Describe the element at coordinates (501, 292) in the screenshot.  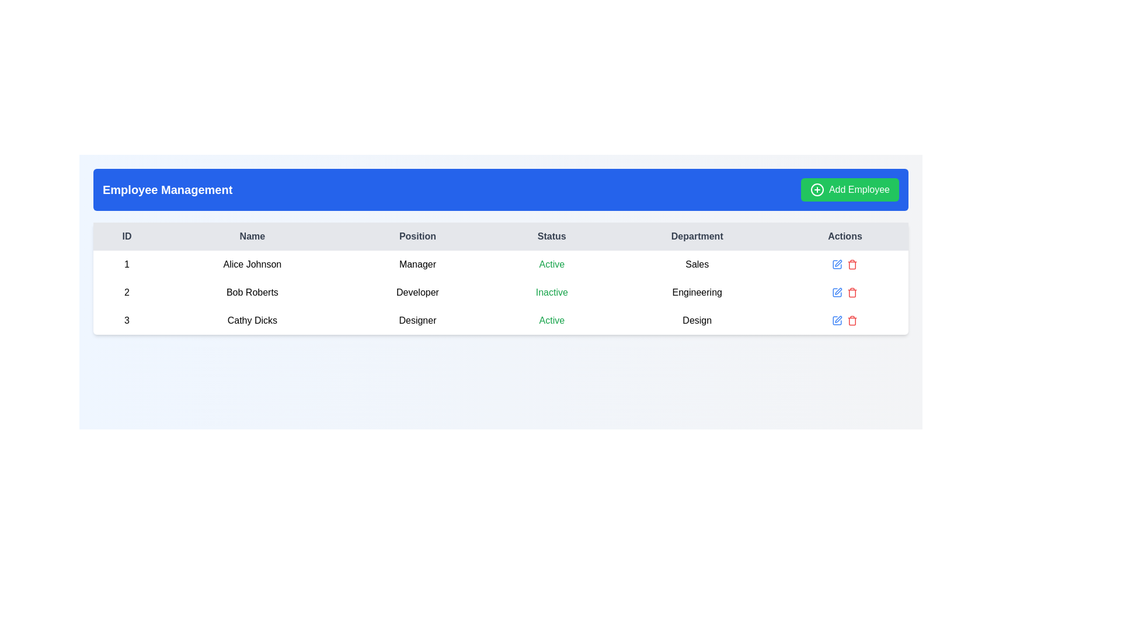
I see `the details presented in the second row of the employee table, which includes the name 'Bob Roberts', position 'Developer', status 'Inactive', and department 'Engineering'` at that location.